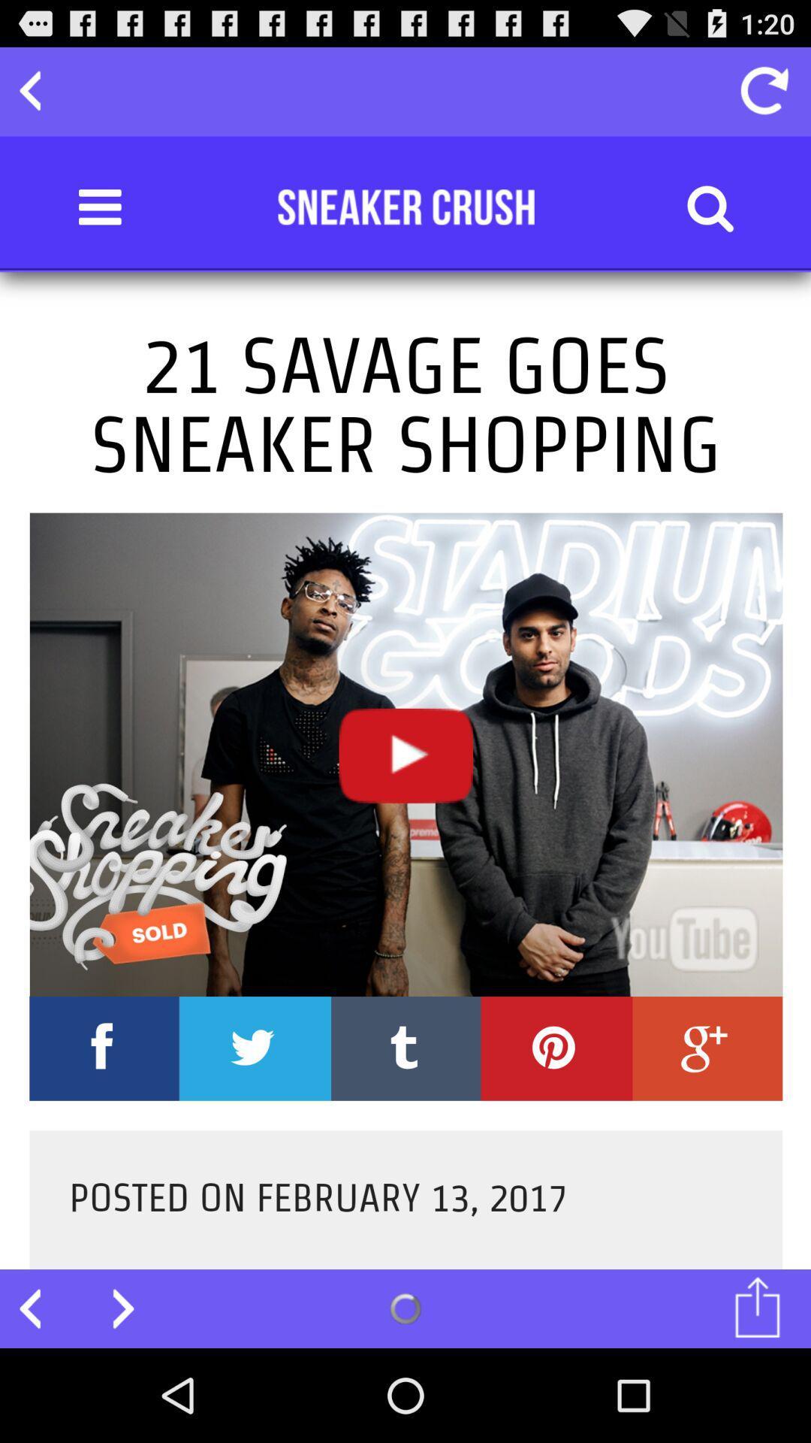 The height and width of the screenshot is (1443, 811). What do you see at coordinates (764, 96) in the screenshot?
I see `the refresh icon` at bounding box center [764, 96].